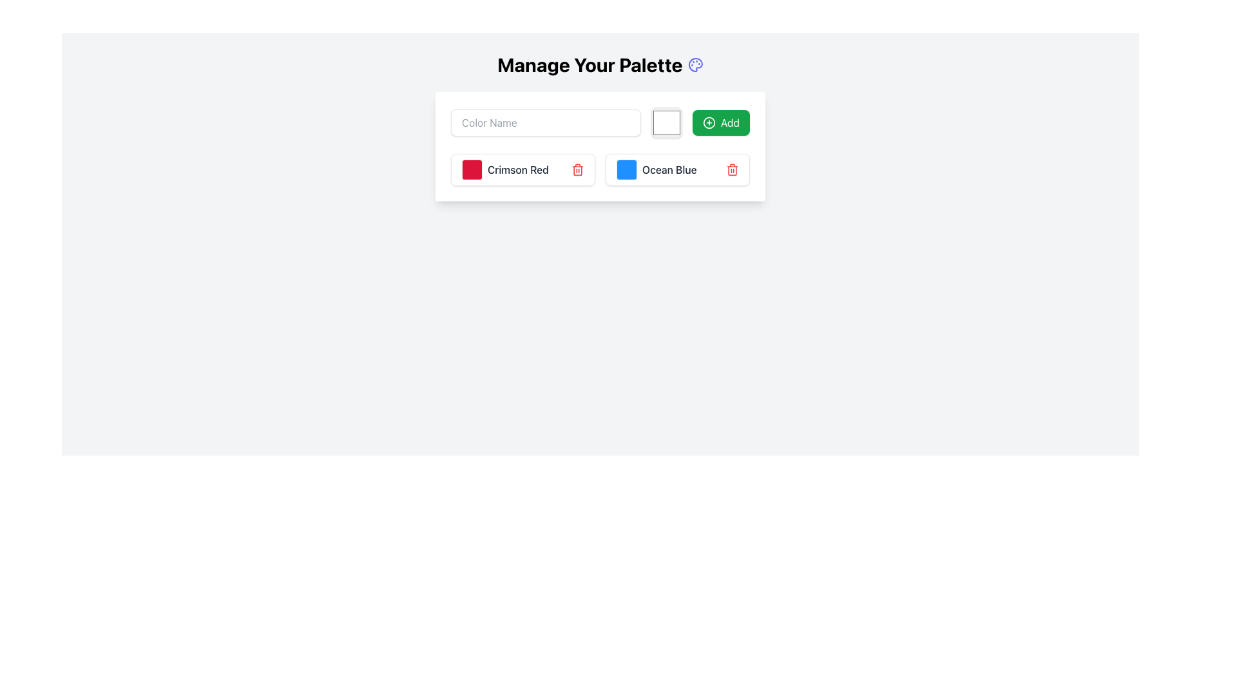 The image size is (1237, 695). What do you see at coordinates (695, 64) in the screenshot?
I see `the decorative SVG Icon located to the right of the 'Manage Your Palette' header text` at bounding box center [695, 64].